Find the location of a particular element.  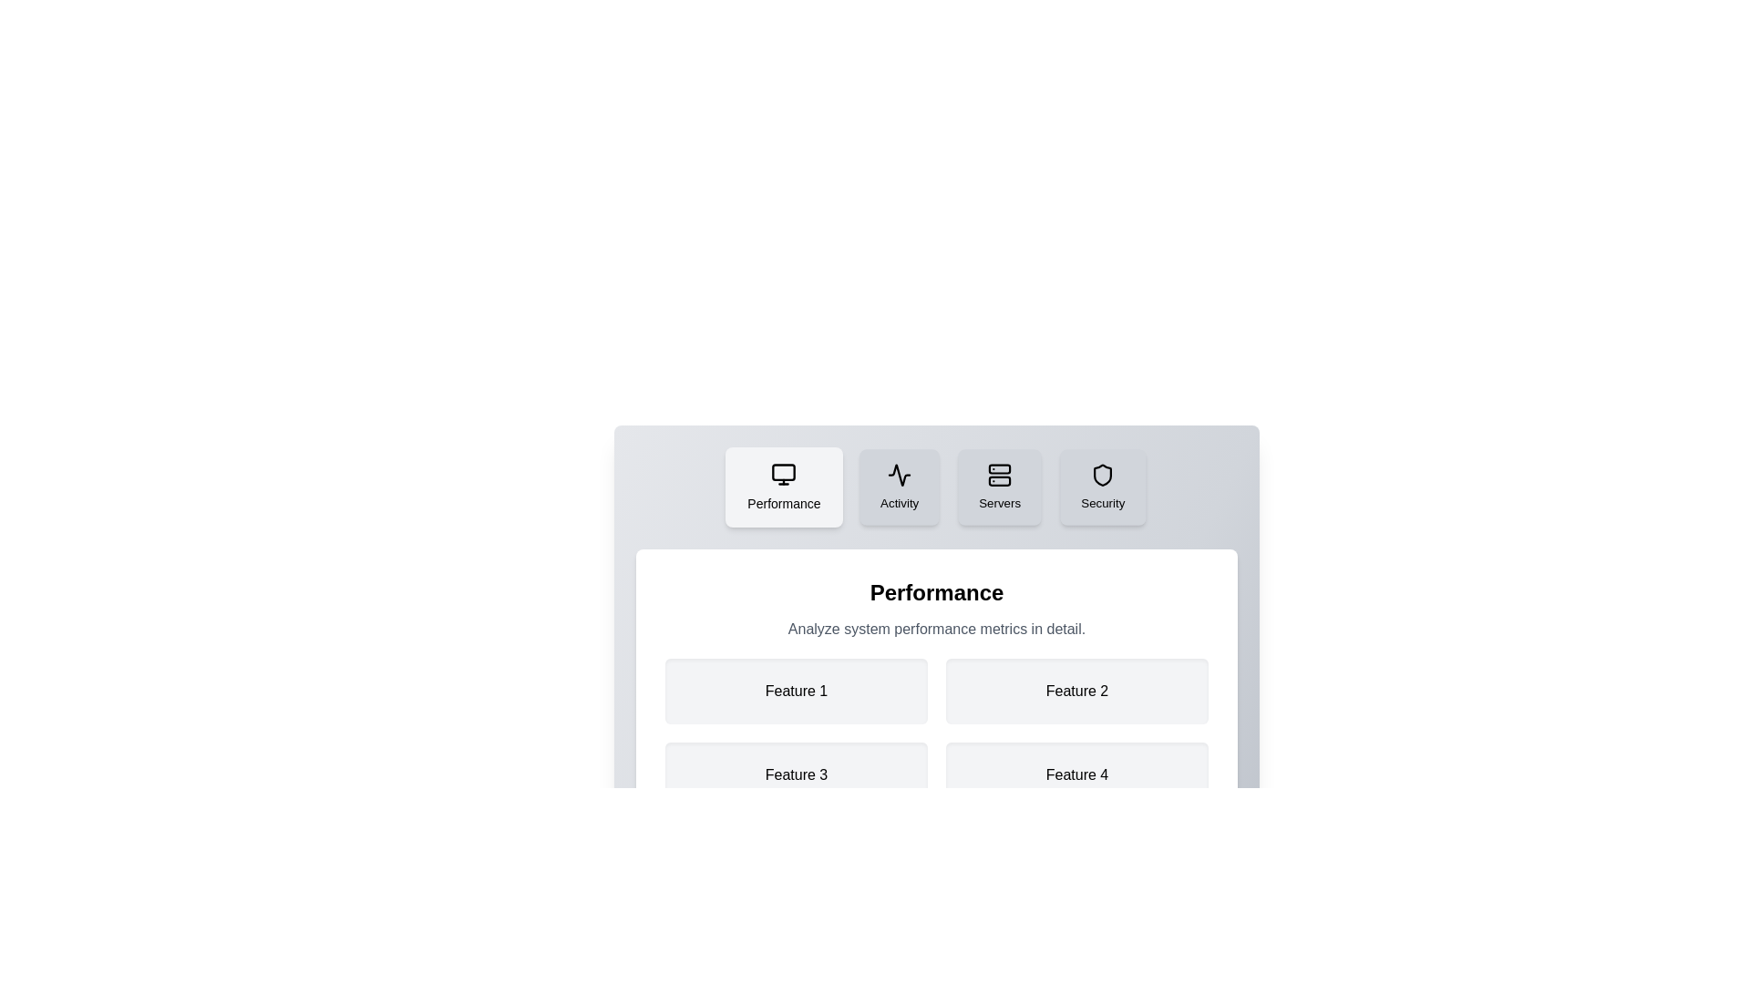

the Security tab to view its content is located at coordinates (1101, 487).